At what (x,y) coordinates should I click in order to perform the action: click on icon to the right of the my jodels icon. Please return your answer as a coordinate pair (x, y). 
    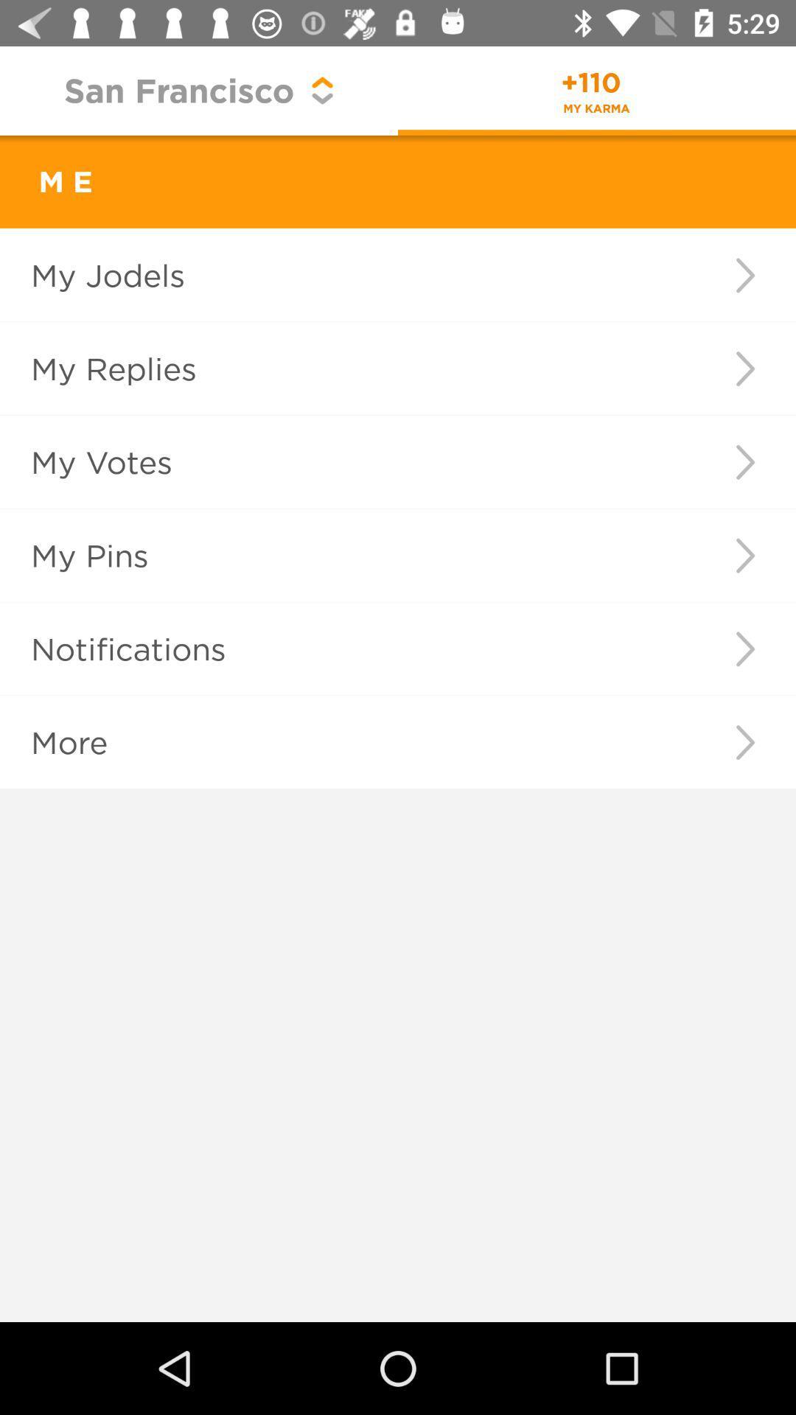
    Looking at the image, I should click on (745, 275).